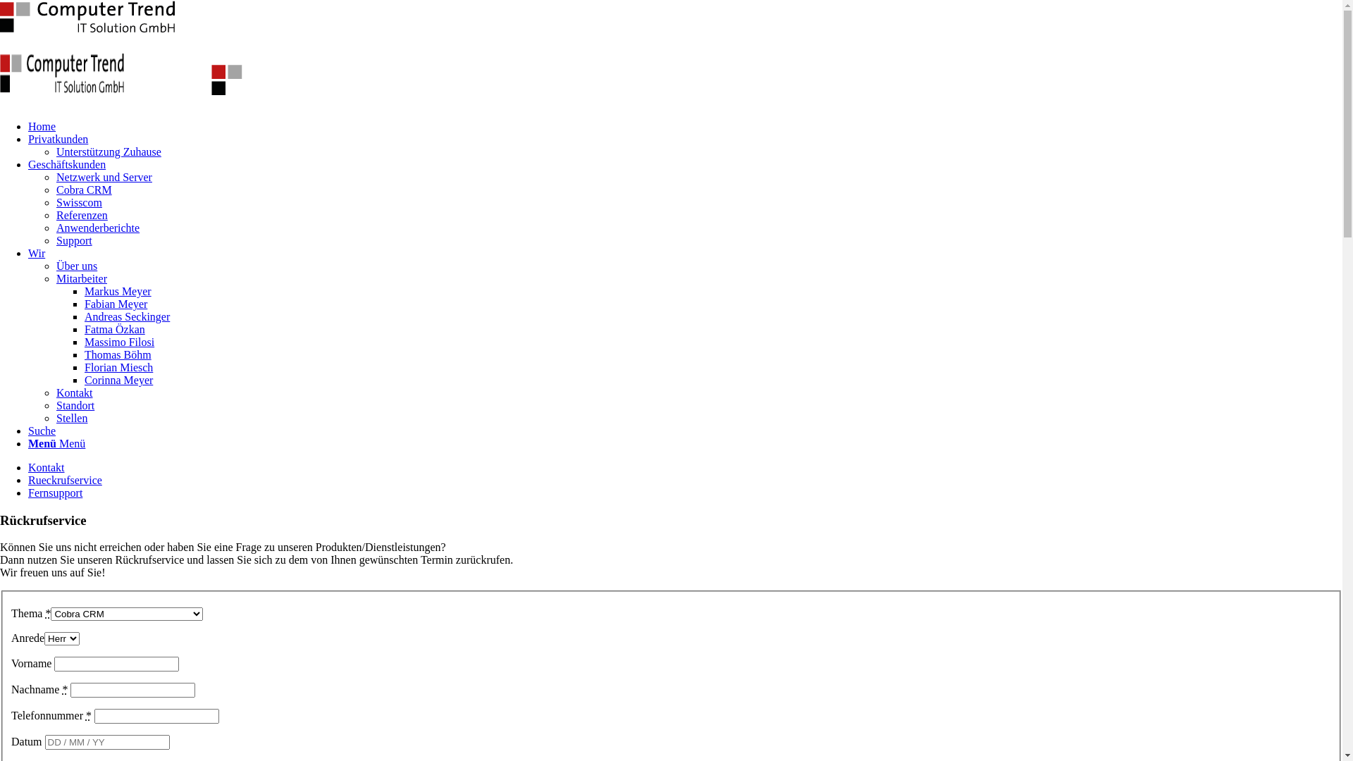  Describe the element at coordinates (118, 366) in the screenshot. I see `'Florian Miesch'` at that location.